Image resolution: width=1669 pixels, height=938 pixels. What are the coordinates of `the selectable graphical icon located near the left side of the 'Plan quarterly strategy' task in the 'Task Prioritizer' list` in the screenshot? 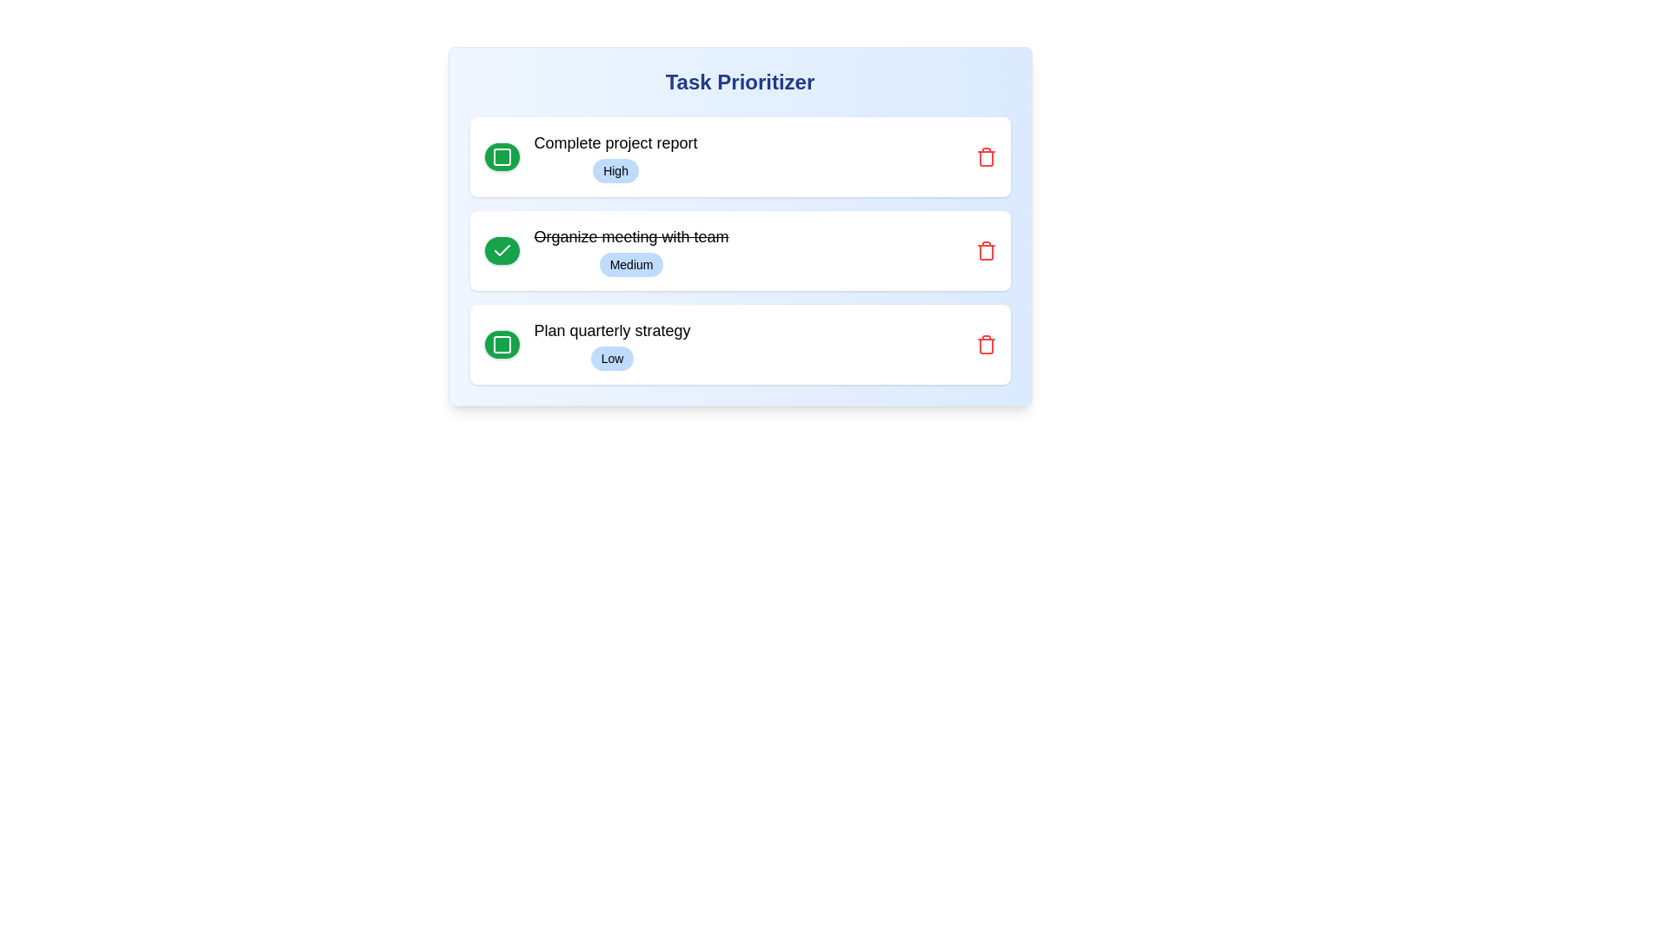 It's located at (501, 345).